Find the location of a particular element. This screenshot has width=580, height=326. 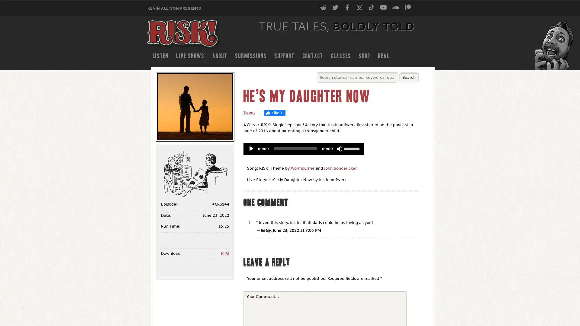

Search is located at coordinates (409, 77).